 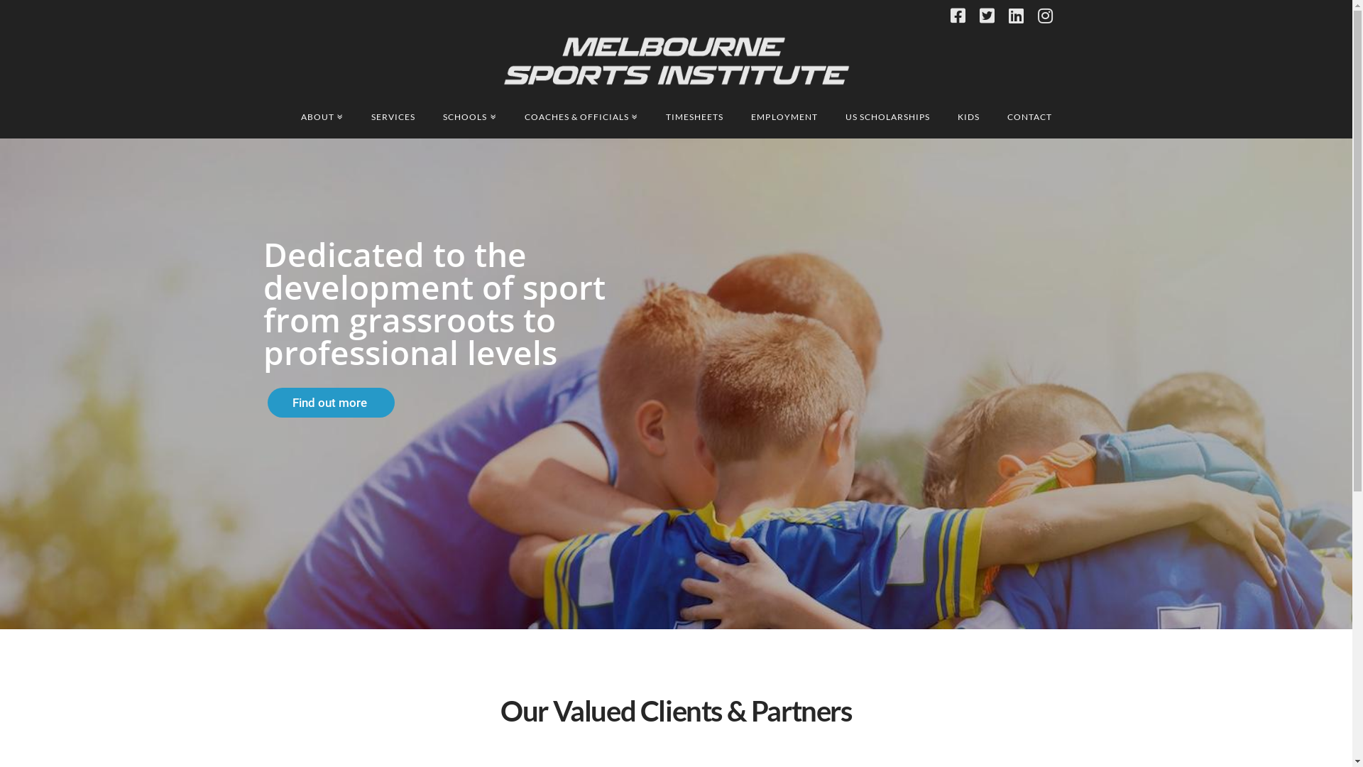 What do you see at coordinates (1029, 116) in the screenshot?
I see `'CONTACT'` at bounding box center [1029, 116].